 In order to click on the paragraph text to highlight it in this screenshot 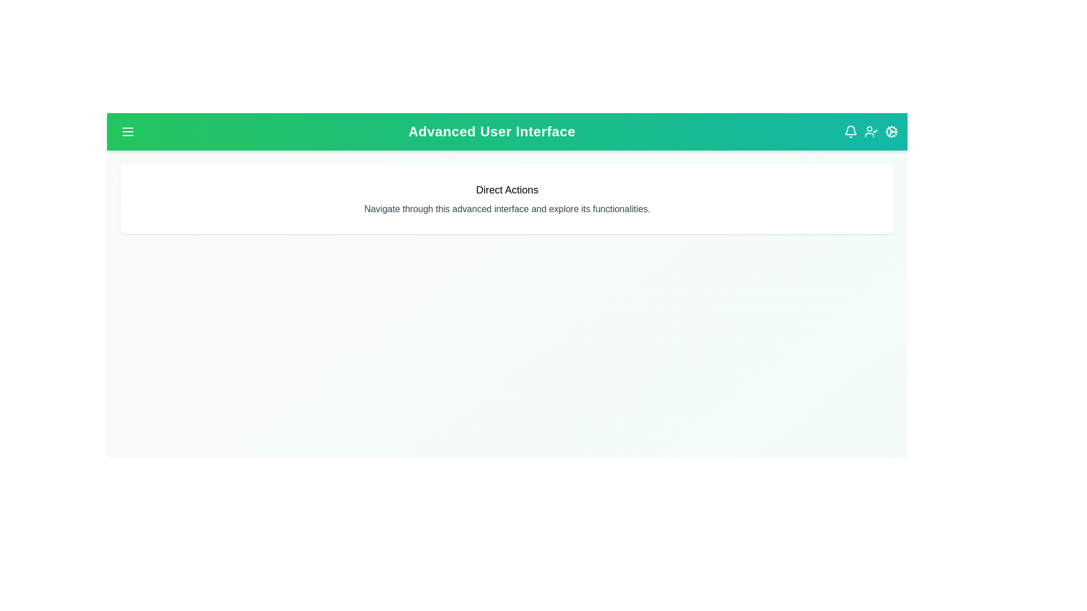, I will do `click(507, 209)`.